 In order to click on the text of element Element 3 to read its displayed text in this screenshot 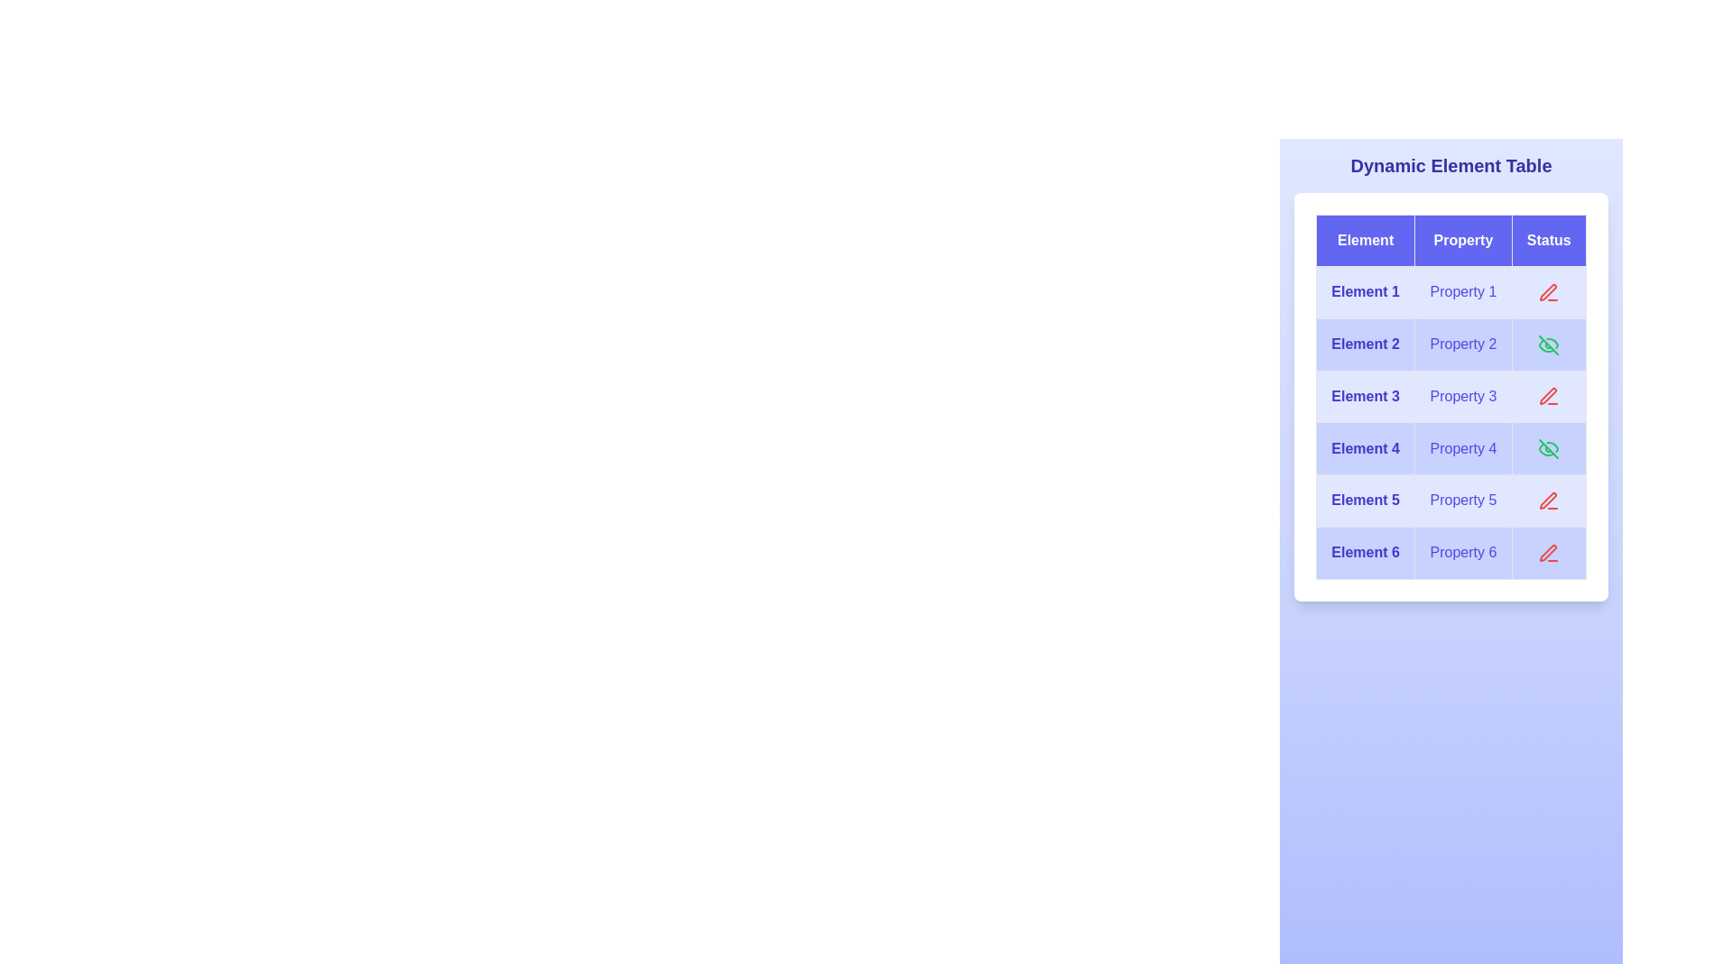, I will do `click(1366, 395)`.